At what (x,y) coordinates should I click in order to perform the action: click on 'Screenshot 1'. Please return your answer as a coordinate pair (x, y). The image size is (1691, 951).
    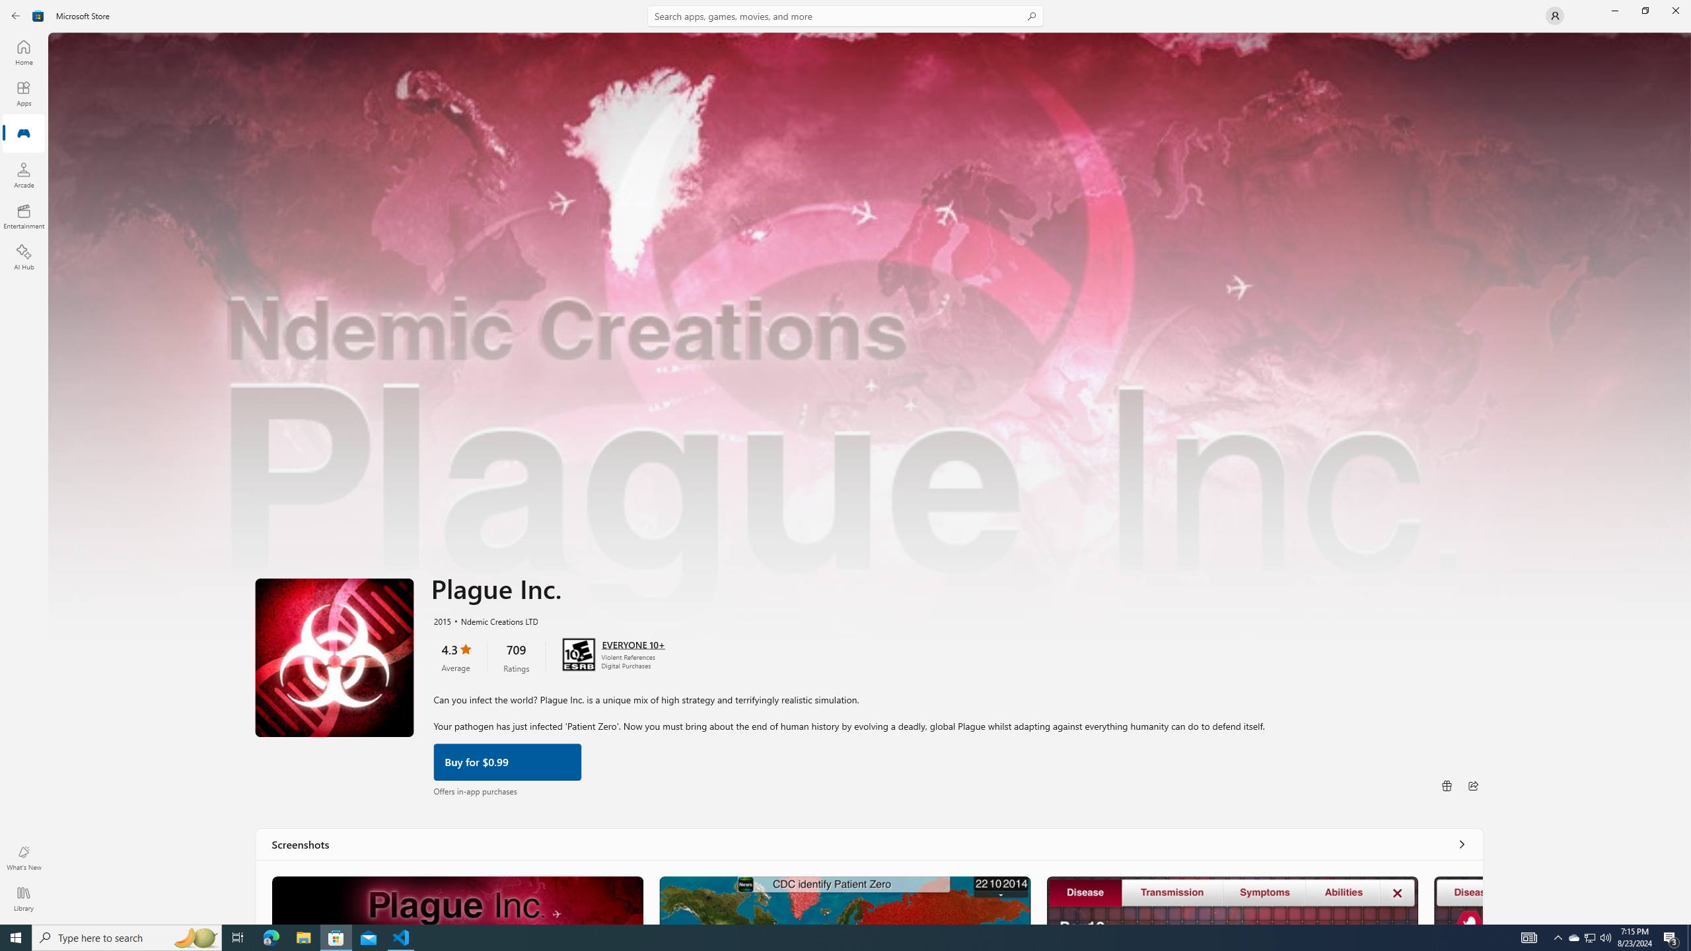
    Looking at the image, I should click on (457, 899).